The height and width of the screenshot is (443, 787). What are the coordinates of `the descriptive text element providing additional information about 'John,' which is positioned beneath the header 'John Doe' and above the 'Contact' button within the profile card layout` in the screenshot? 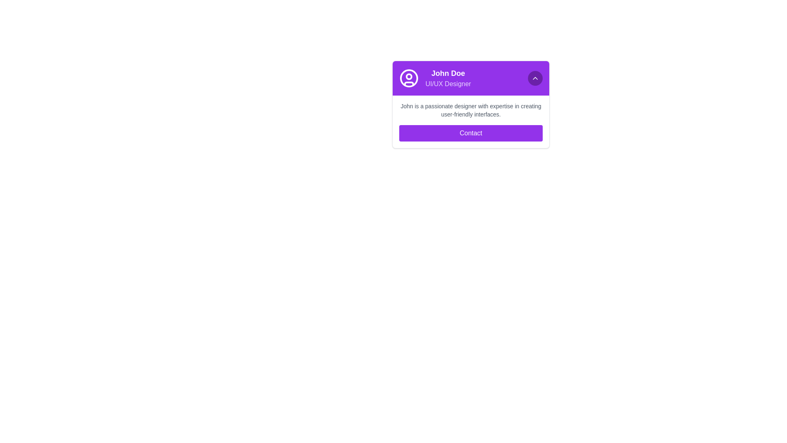 It's located at (471, 110).